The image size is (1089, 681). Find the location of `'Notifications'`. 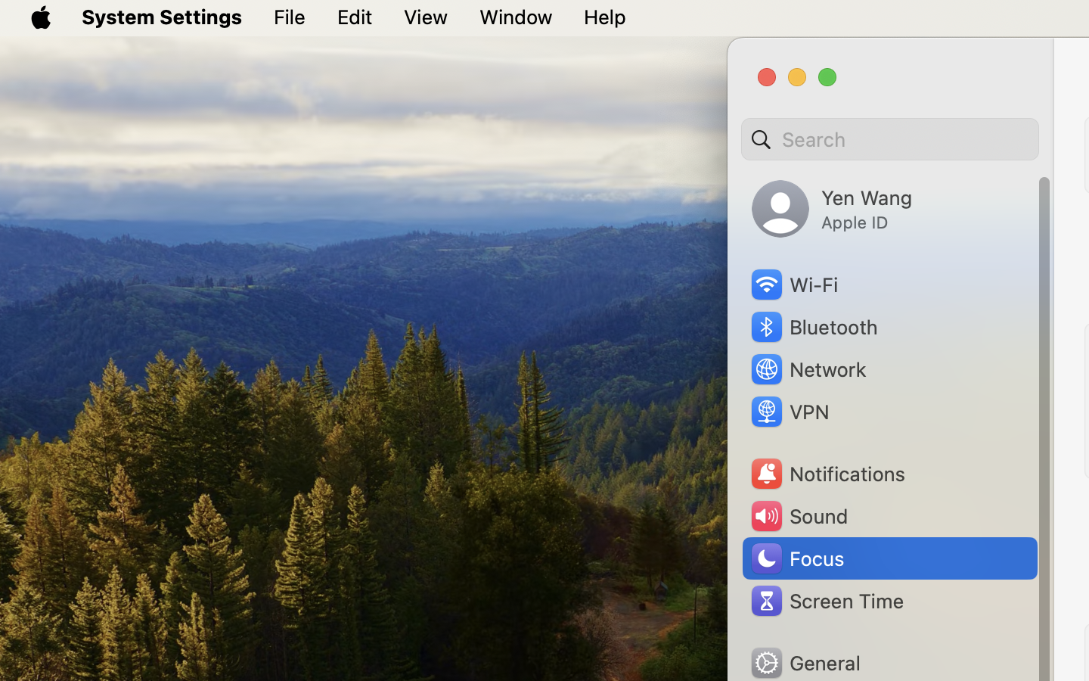

'Notifications' is located at coordinates (826, 474).